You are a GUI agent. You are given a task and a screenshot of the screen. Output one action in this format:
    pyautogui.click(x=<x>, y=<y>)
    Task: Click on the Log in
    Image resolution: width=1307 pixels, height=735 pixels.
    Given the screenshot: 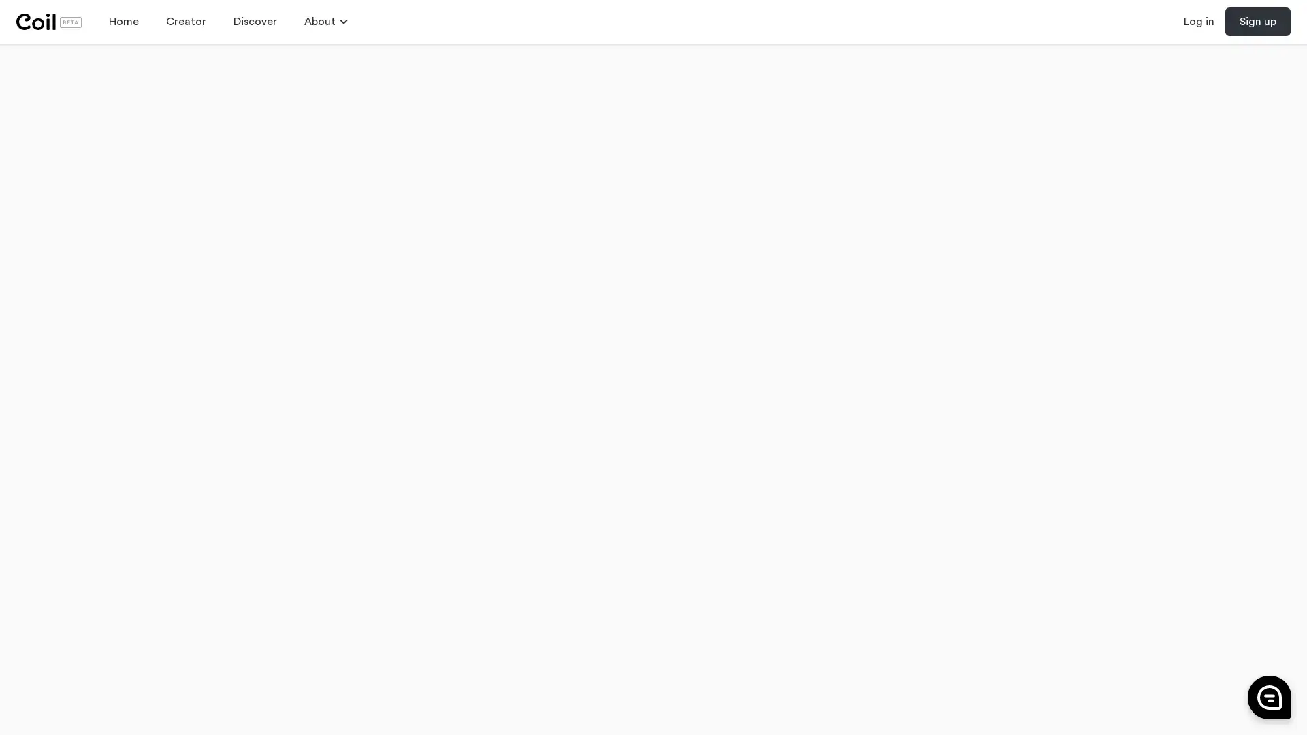 What is the action you would take?
    pyautogui.click(x=1199, y=21)
    